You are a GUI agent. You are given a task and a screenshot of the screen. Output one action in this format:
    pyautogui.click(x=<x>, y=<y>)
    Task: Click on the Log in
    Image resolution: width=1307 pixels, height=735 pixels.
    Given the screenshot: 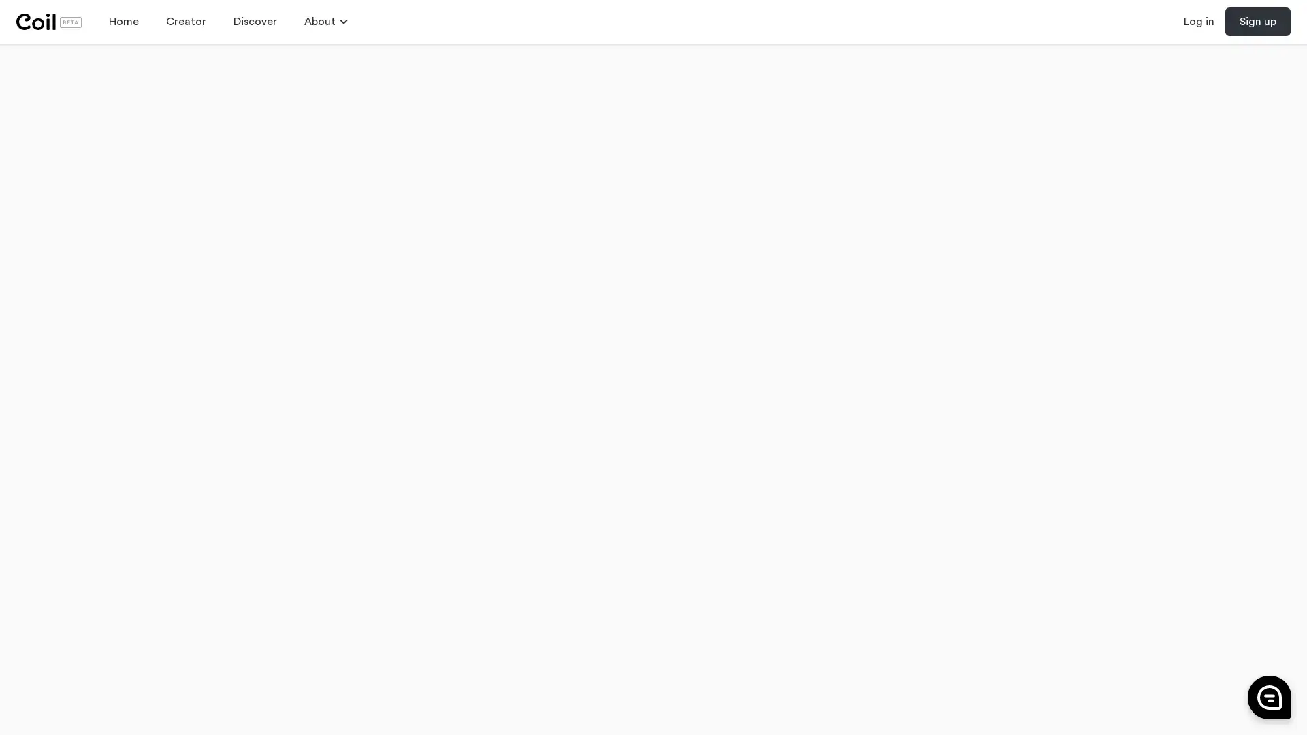 What is the action you would take?
    pyautogui.click(x=1199, y=21)
    